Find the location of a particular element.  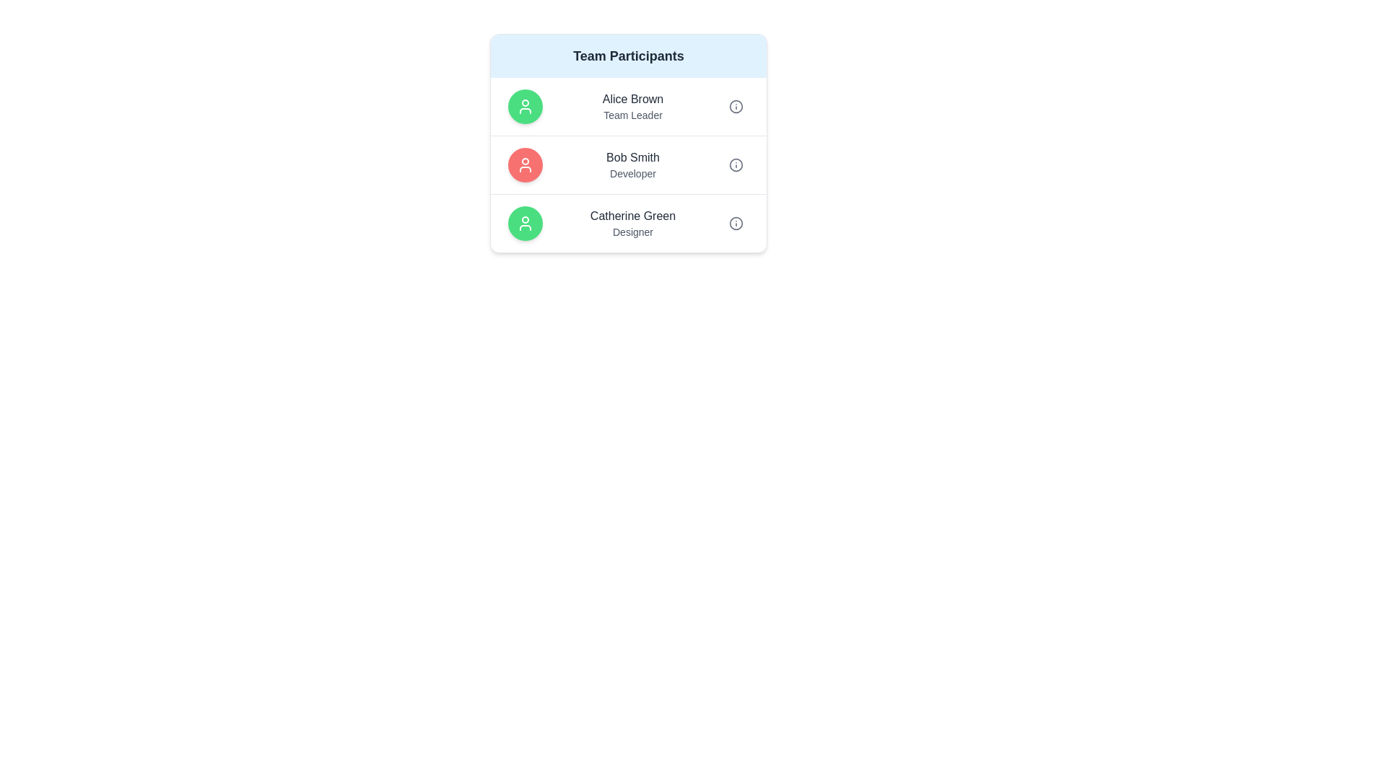

the circular avatar icon with a green background and white user silhouette representing Alice Brown is located at coordinates (525, 105).